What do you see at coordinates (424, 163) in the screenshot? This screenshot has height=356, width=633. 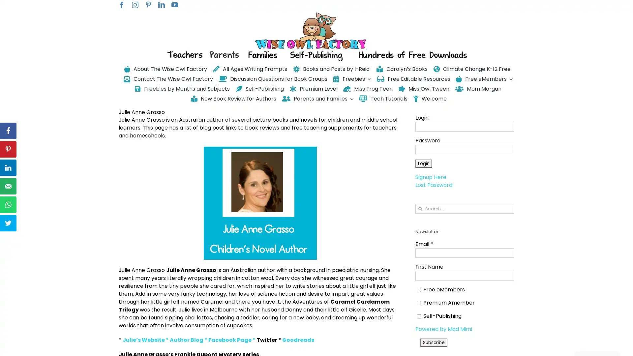 I see `Login` at bounding box center [424, 163].